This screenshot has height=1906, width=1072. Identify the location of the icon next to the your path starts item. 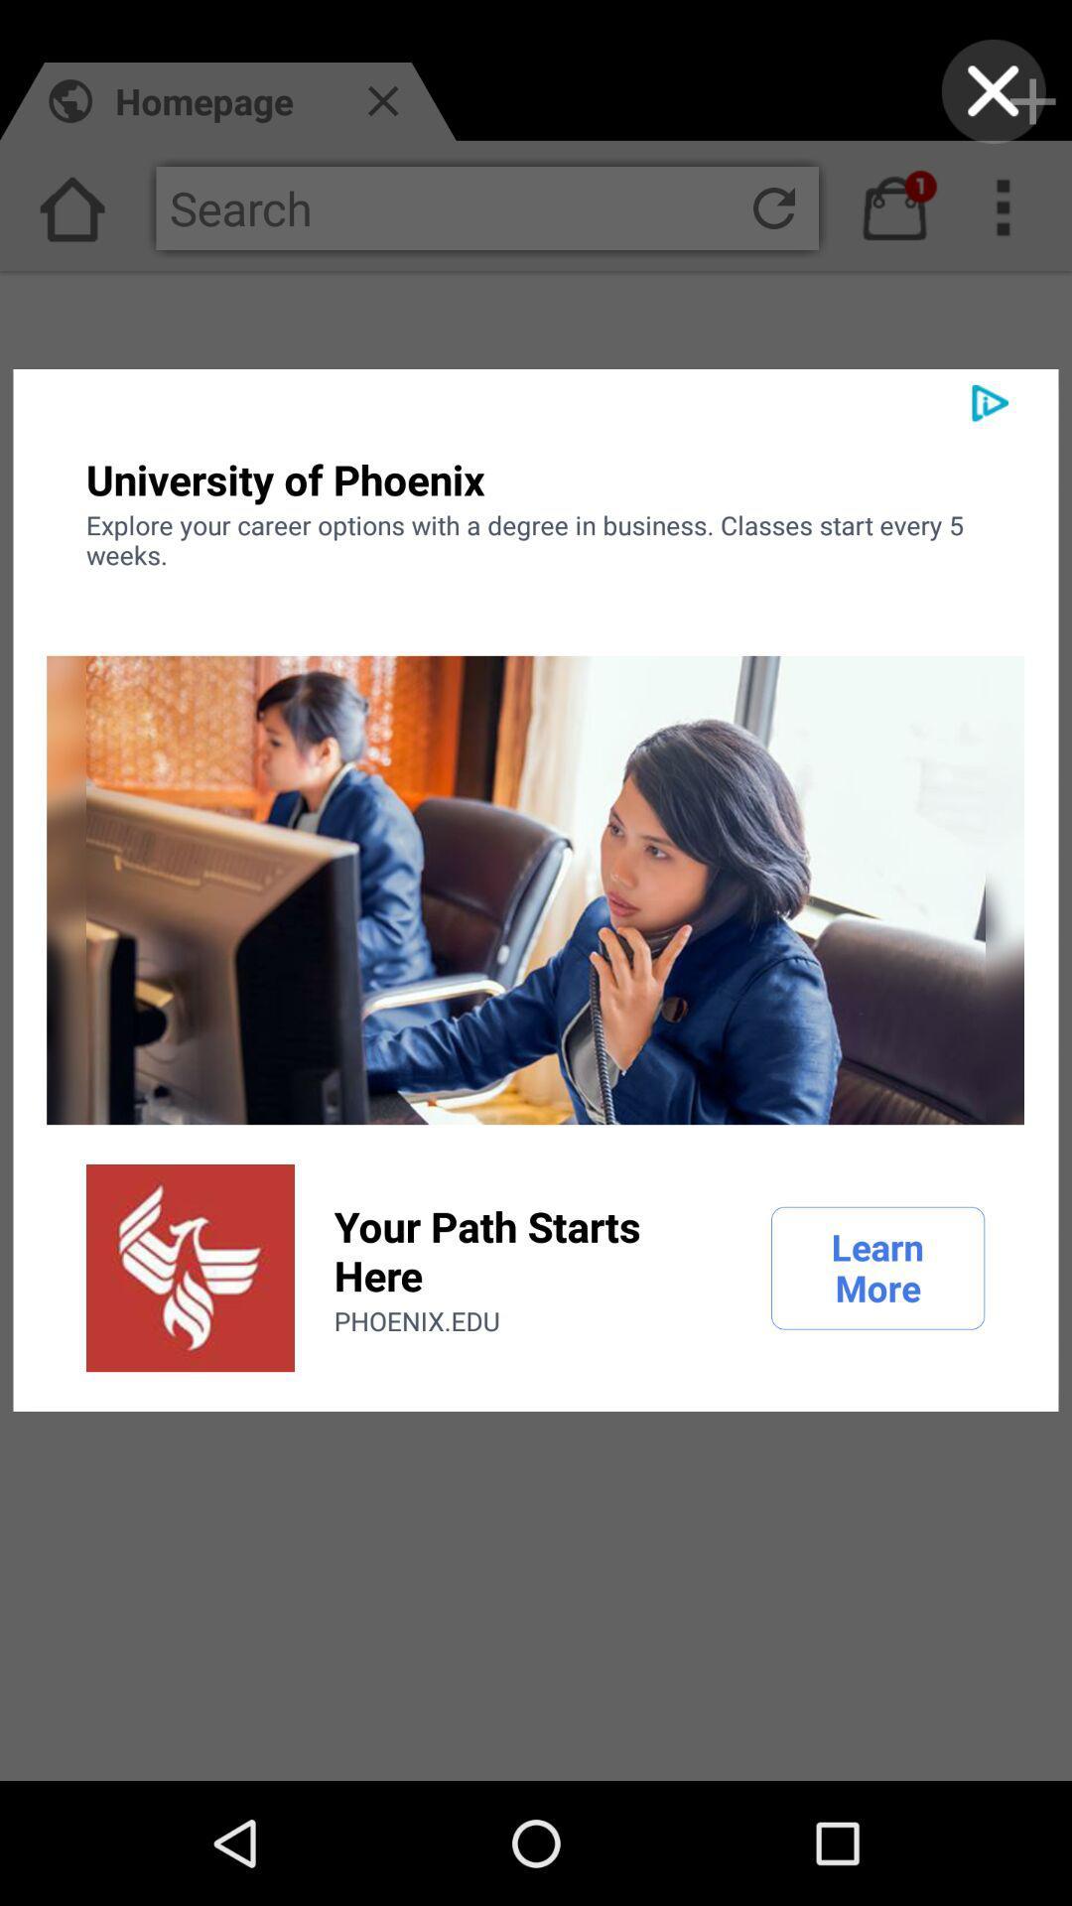
(876, 1267).